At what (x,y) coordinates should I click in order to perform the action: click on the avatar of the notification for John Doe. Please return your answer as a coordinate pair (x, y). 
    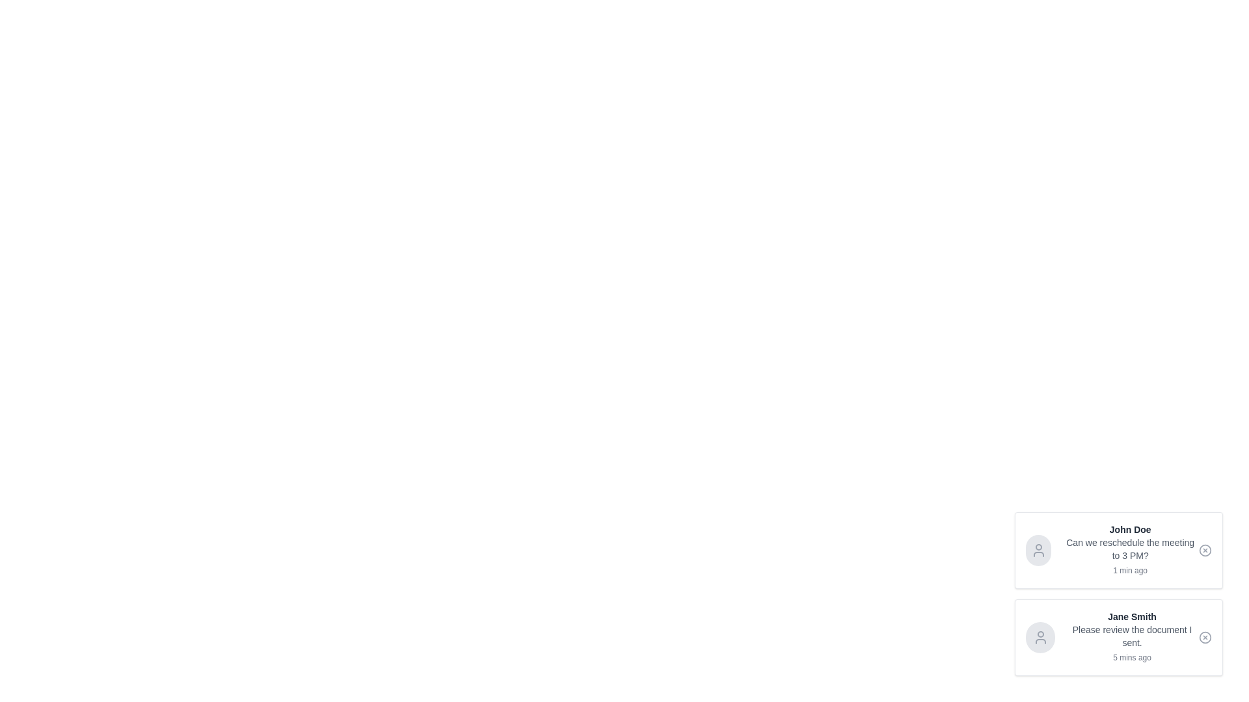
    Looking at the image, I should click on (1038, 551).